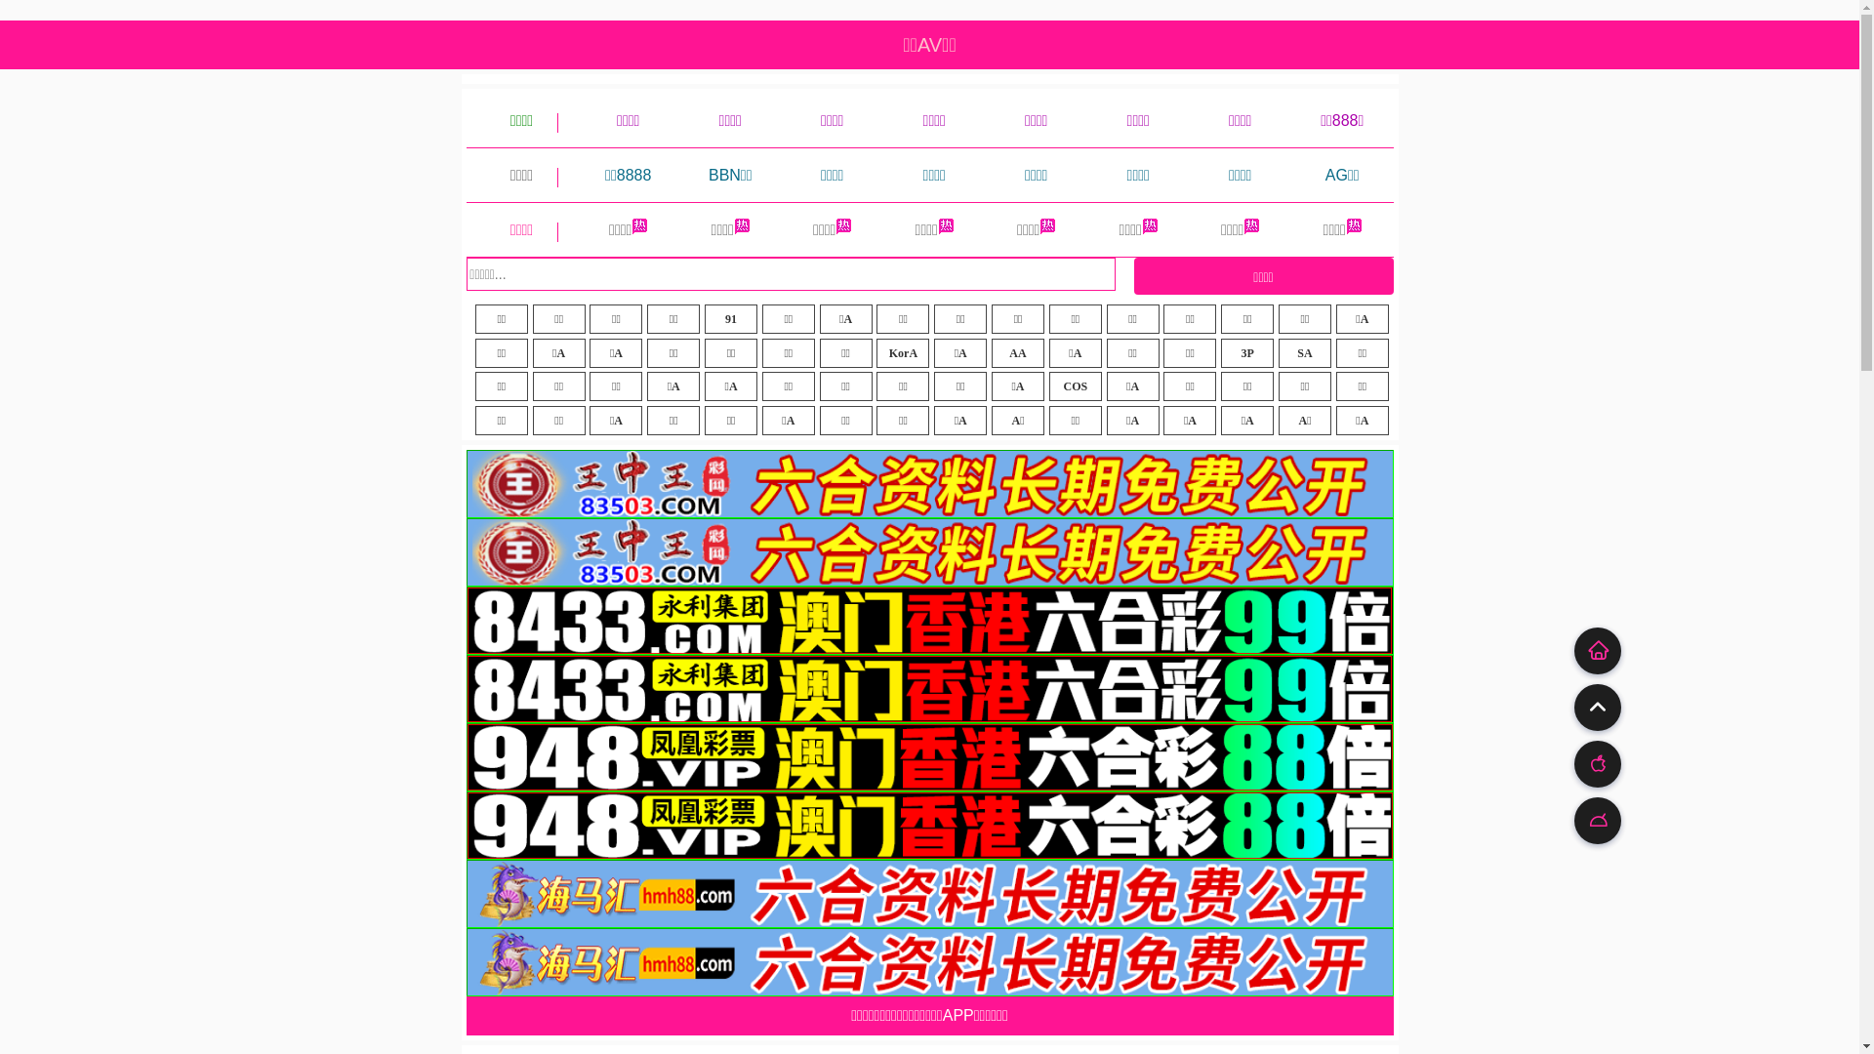  I want to click on '91', so click(729, 318).